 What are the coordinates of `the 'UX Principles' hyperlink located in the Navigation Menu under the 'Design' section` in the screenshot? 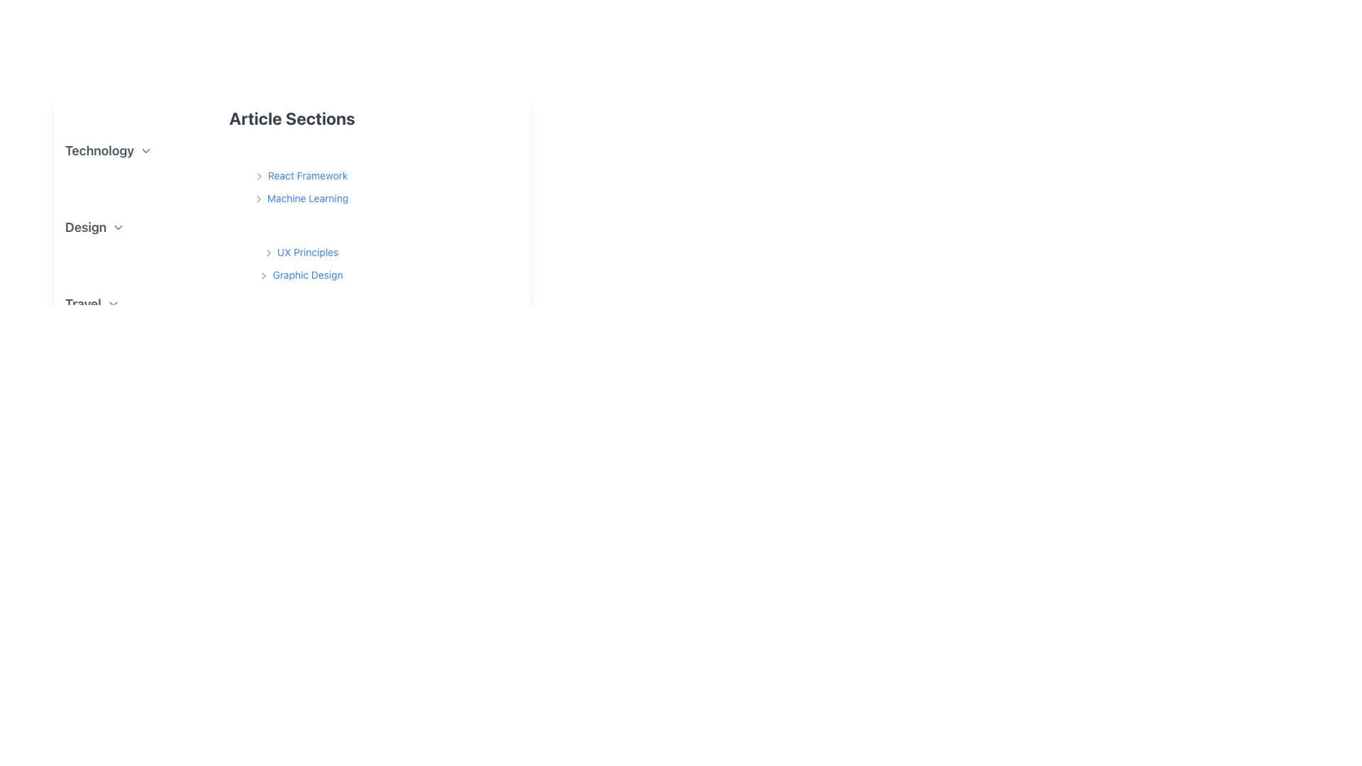 It's located at (299, 262).